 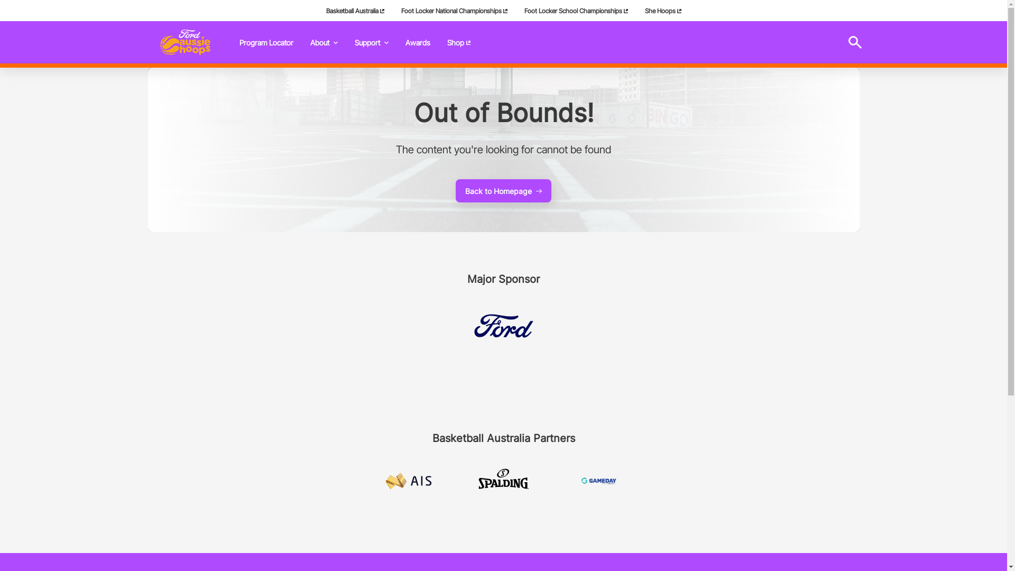 What do you see at coordinates (322, 42) in the screenshot?
I see `'About'` at bounding box center [322, 42].